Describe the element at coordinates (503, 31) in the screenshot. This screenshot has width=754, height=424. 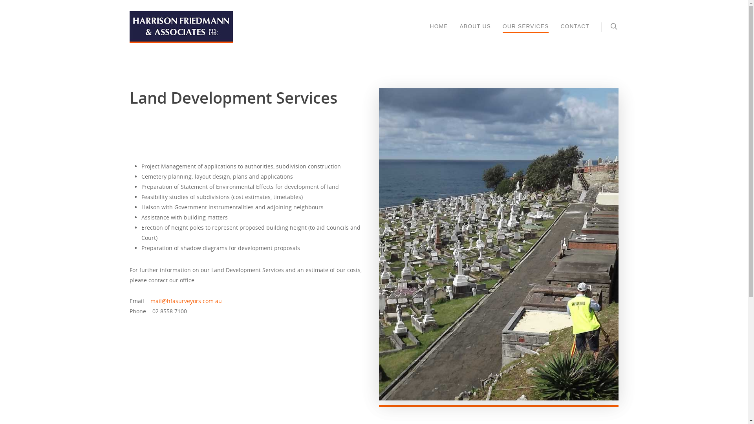
I see `'OUR SERVICES'` at that location.